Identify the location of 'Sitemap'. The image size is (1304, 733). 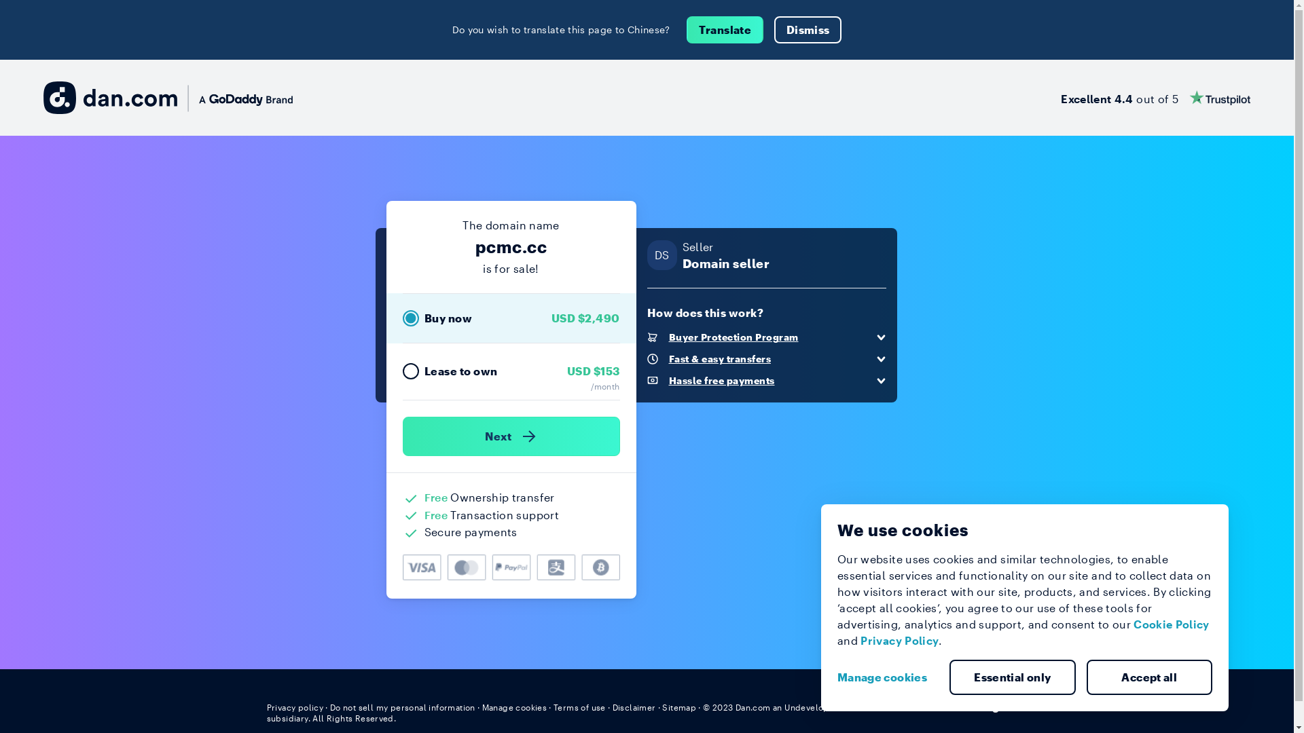
(678, 706).